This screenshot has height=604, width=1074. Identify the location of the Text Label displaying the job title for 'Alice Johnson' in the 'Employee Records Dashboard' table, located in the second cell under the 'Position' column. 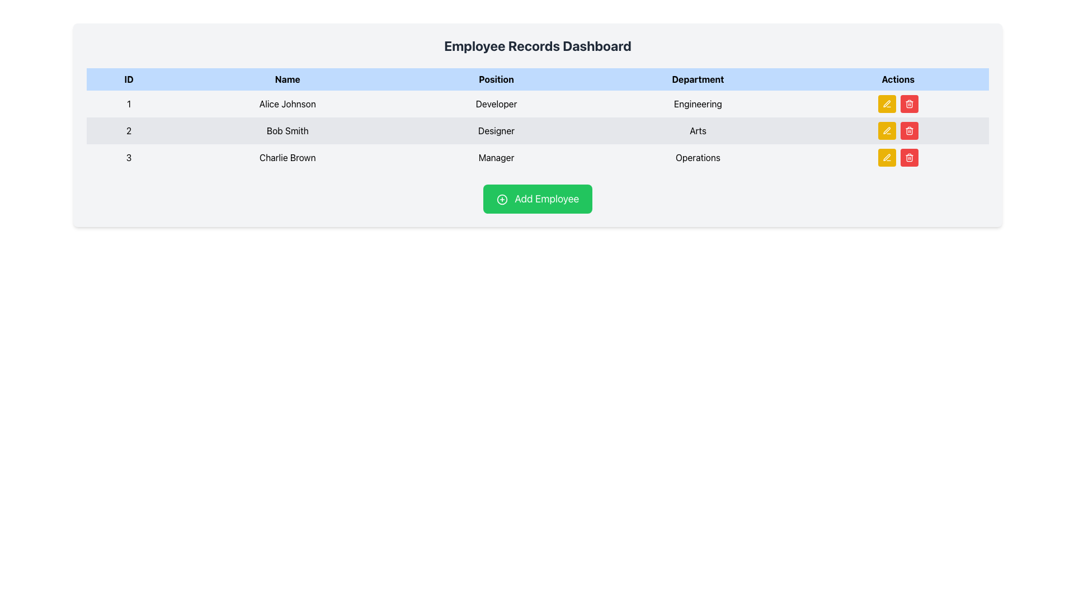
(496, 103).